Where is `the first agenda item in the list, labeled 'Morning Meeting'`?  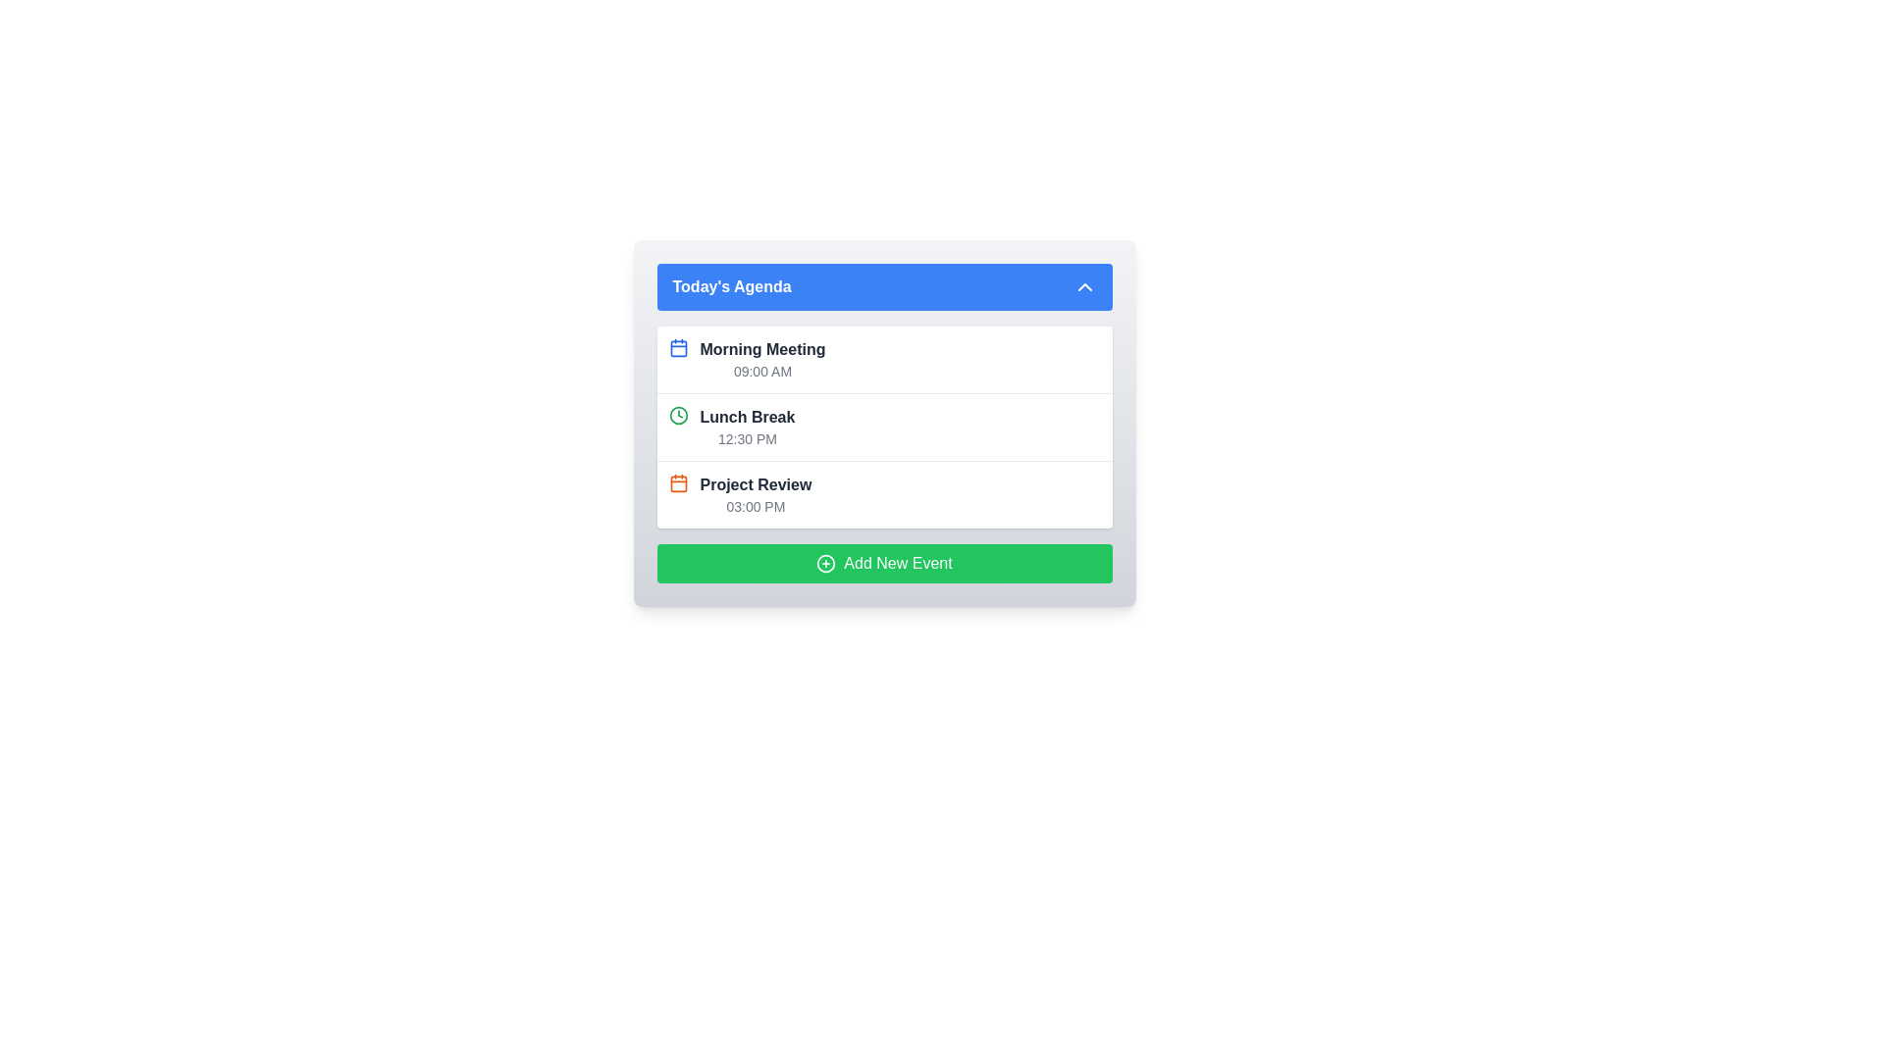
the first agenda item in the list, labeled 'Morning Meeting' is located at coordinates (761, 359).